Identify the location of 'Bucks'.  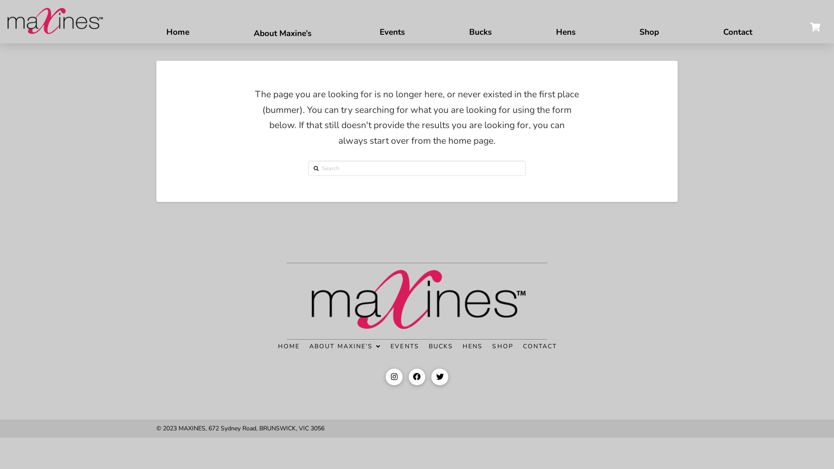
(480, 27).